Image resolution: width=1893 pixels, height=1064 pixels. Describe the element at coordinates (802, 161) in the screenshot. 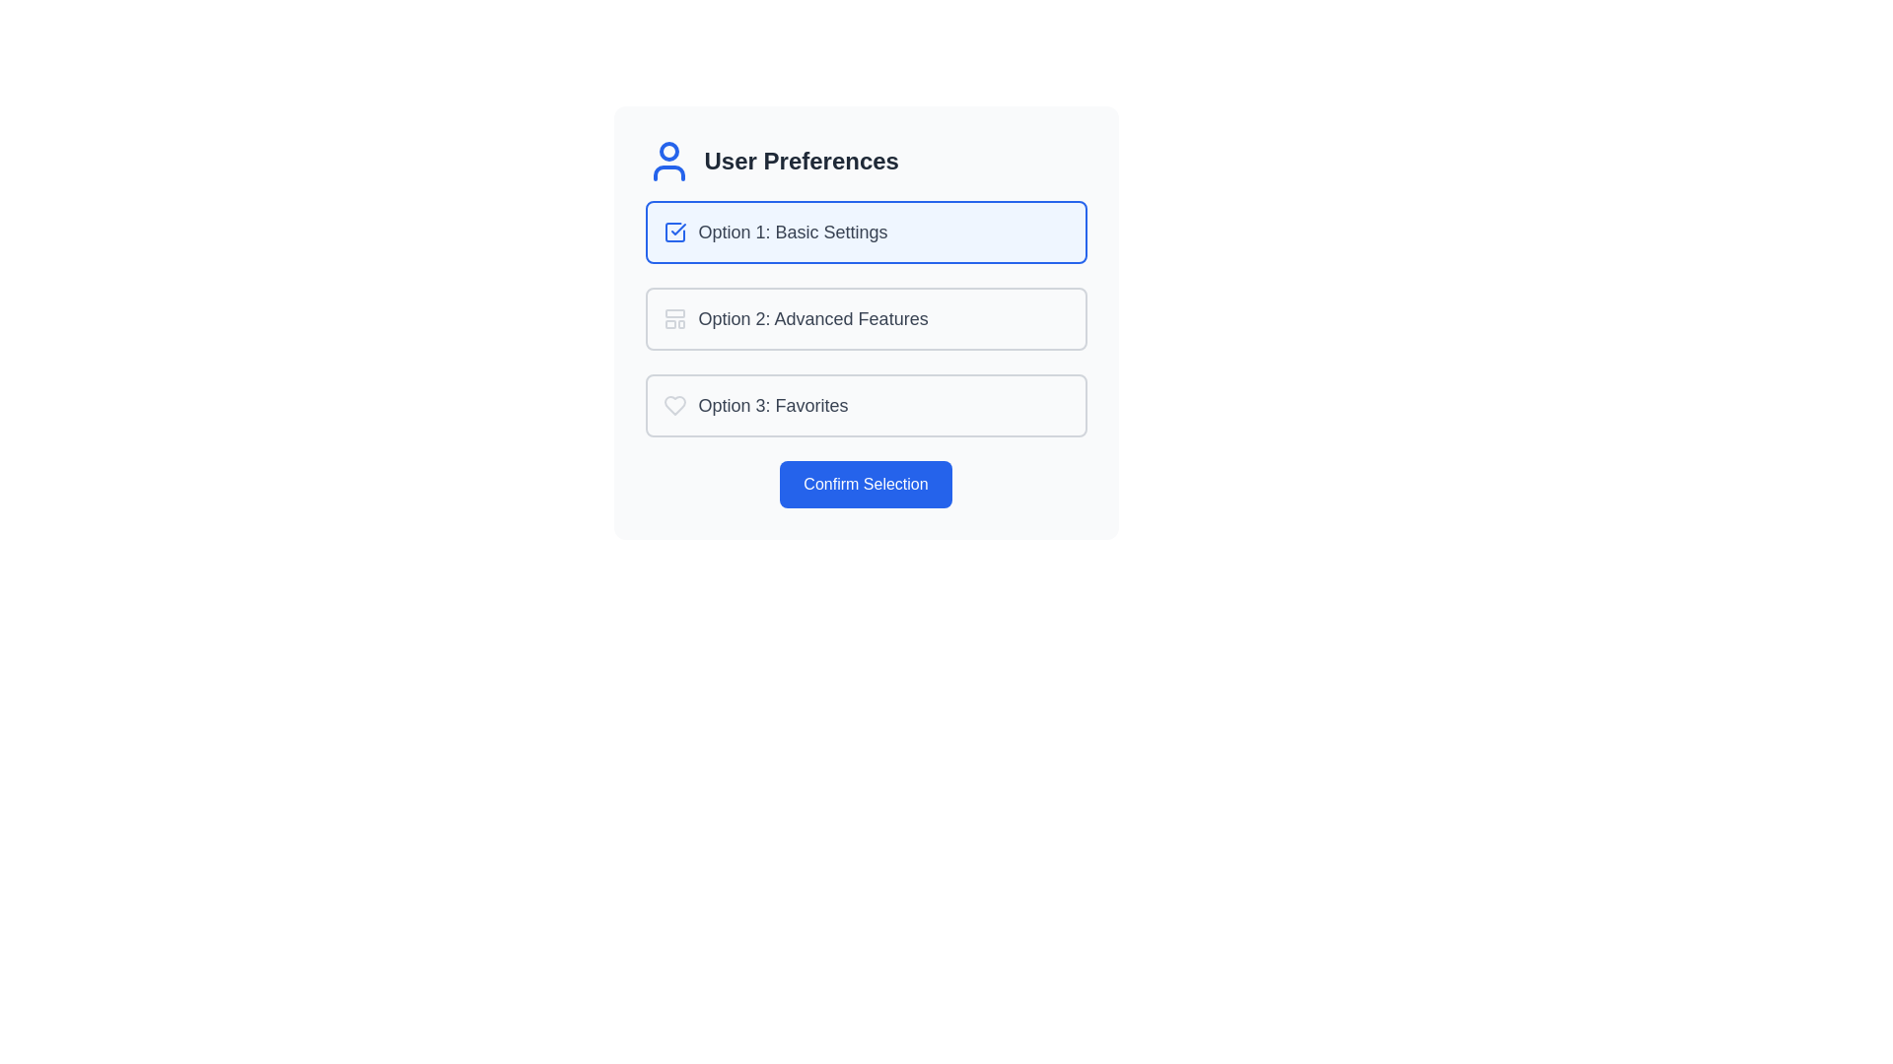

I see `the static text element labeled 'User Preferences', which is displayed in bold and large font, located within a settings panel at the top` at that location.